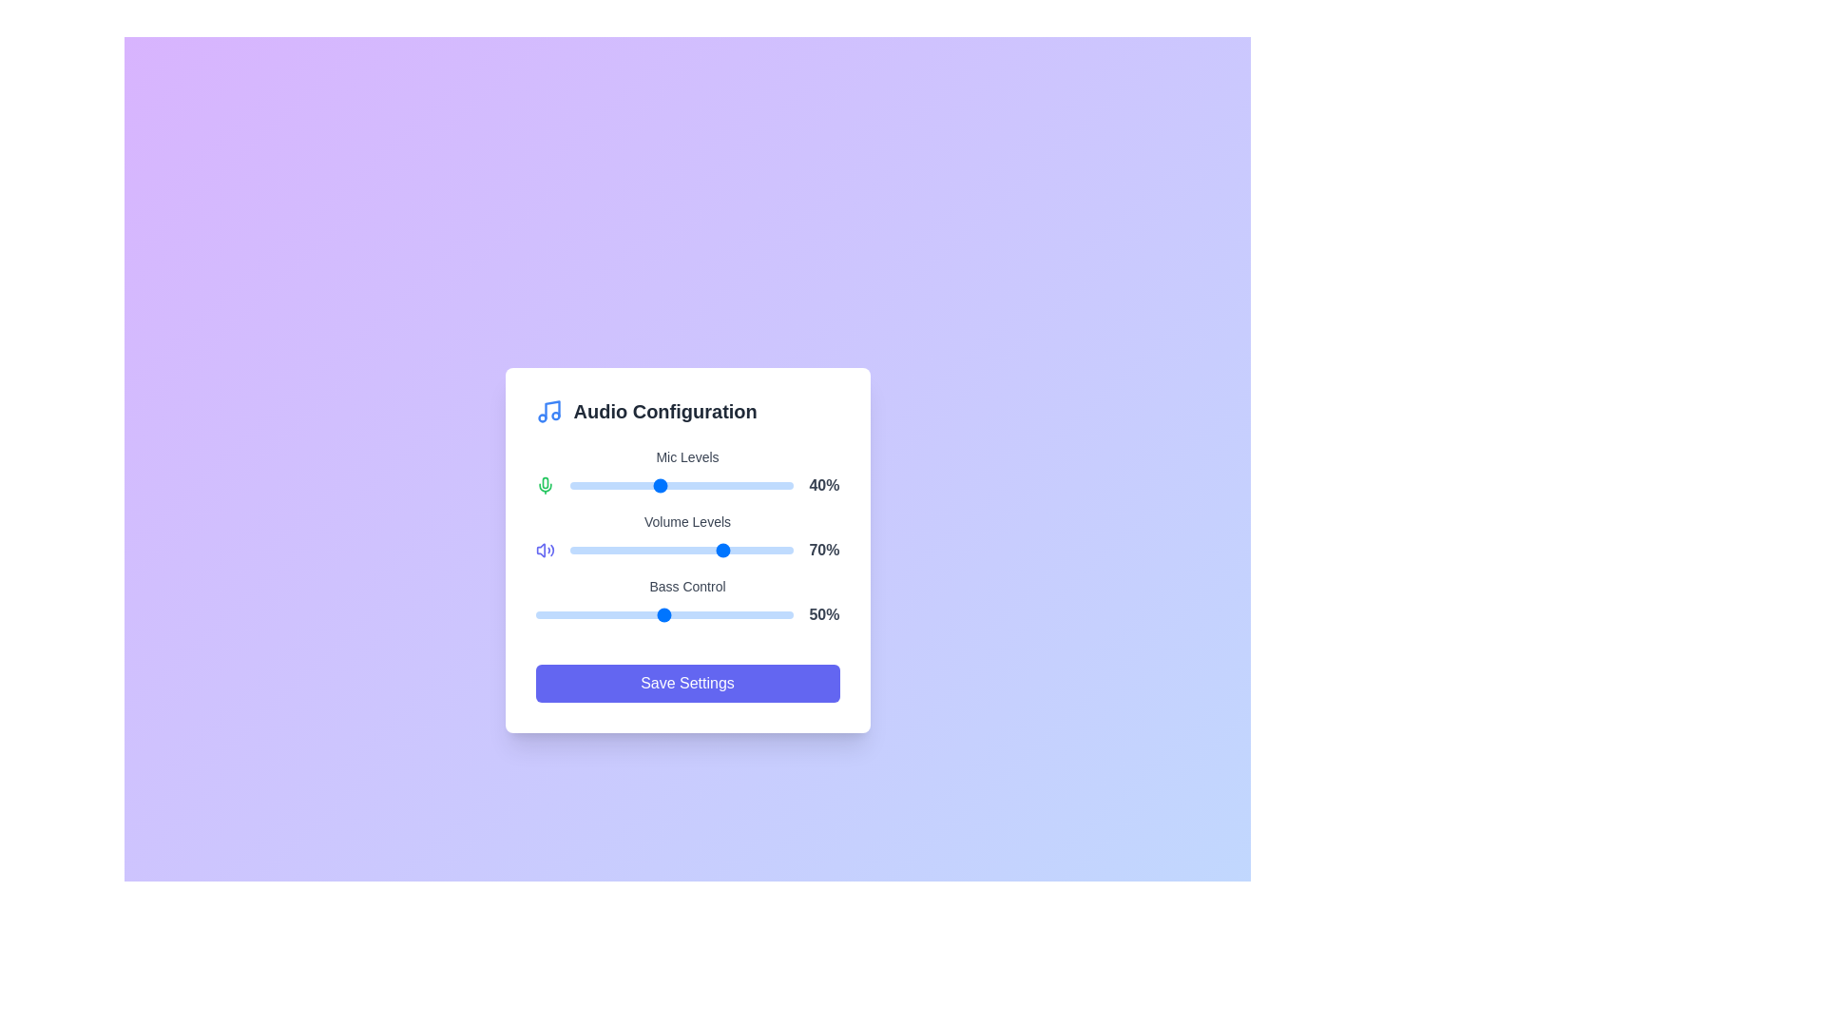 Image resolution: width=1825 pixels, height=1027 pixels. Describe the element at coordinates (662, 484) in the screenshot. I see `the Mic Levels slider to set the microphone volume to 41%` at that location.